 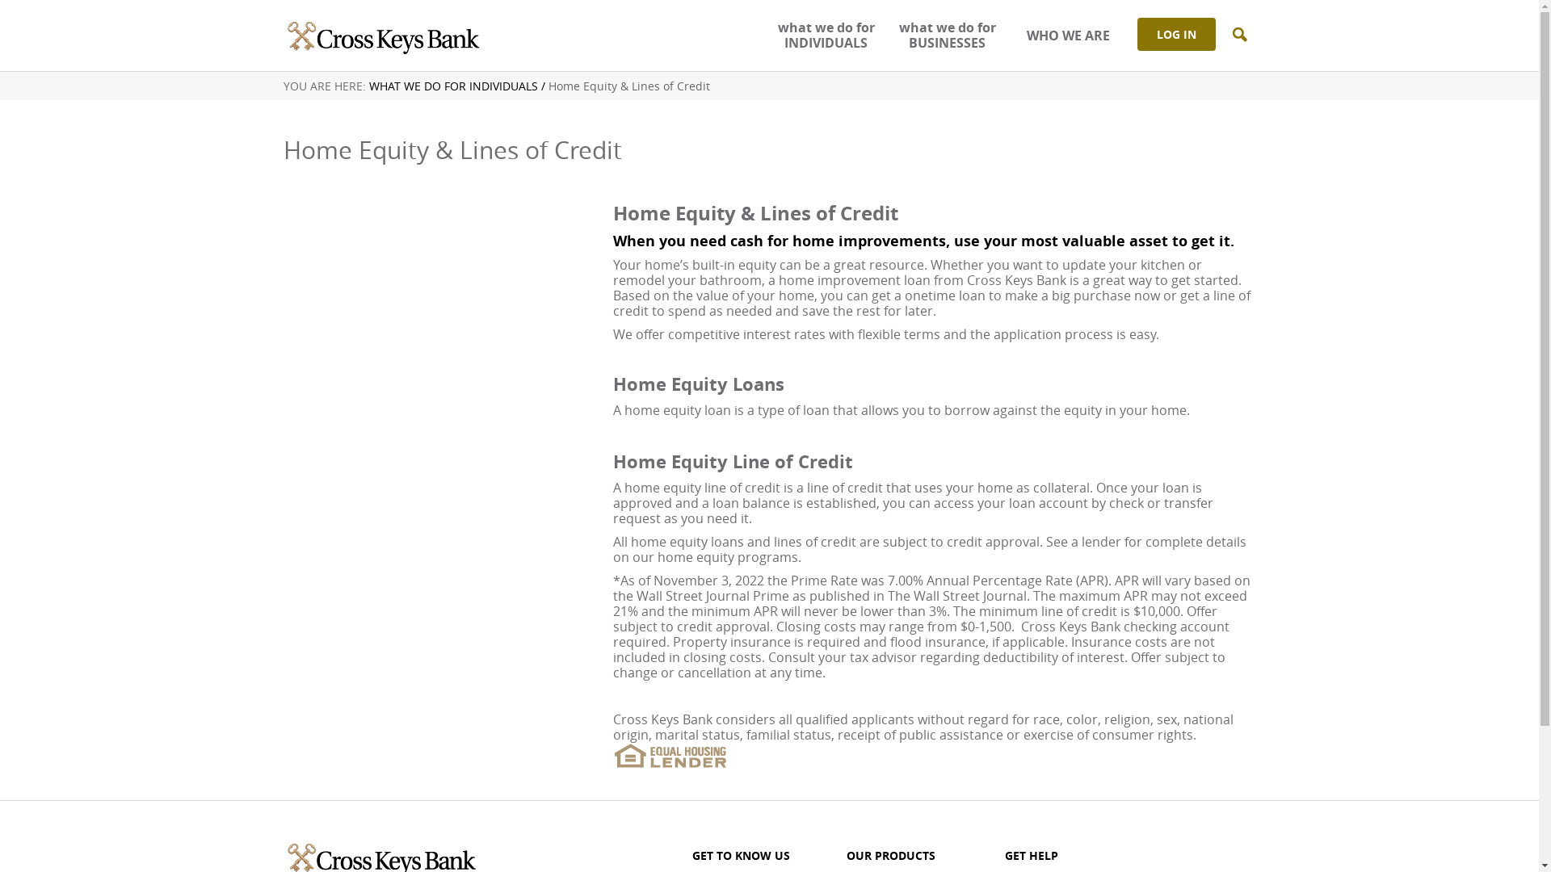 What do you see at coordinates (380, 35) in the screenshot?
I see `'Cross Keys Bank'` at bounding box center [380, 35].